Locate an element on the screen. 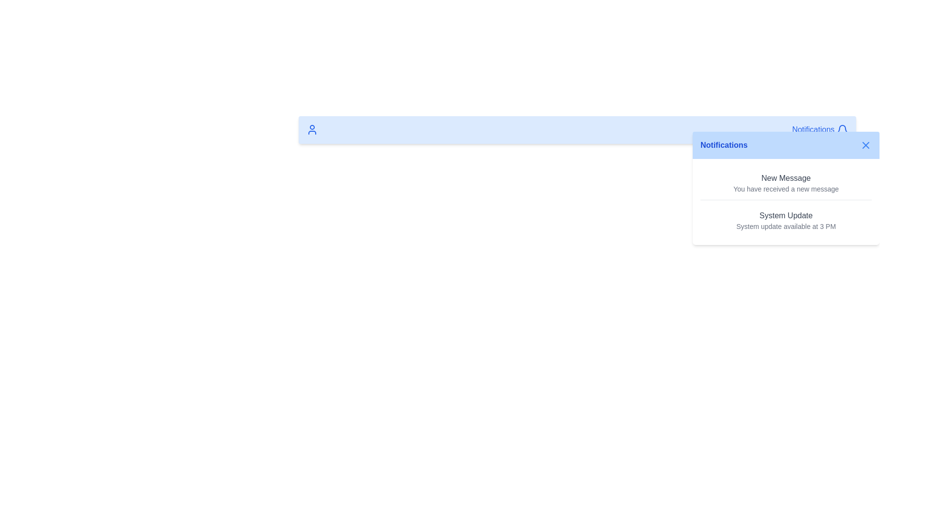 This screenshot has height=525, width=934. the informational text label that provides details relevant to the 'New Message' notification, located directly below its title within the notification card is located at coordinates (786, 189).